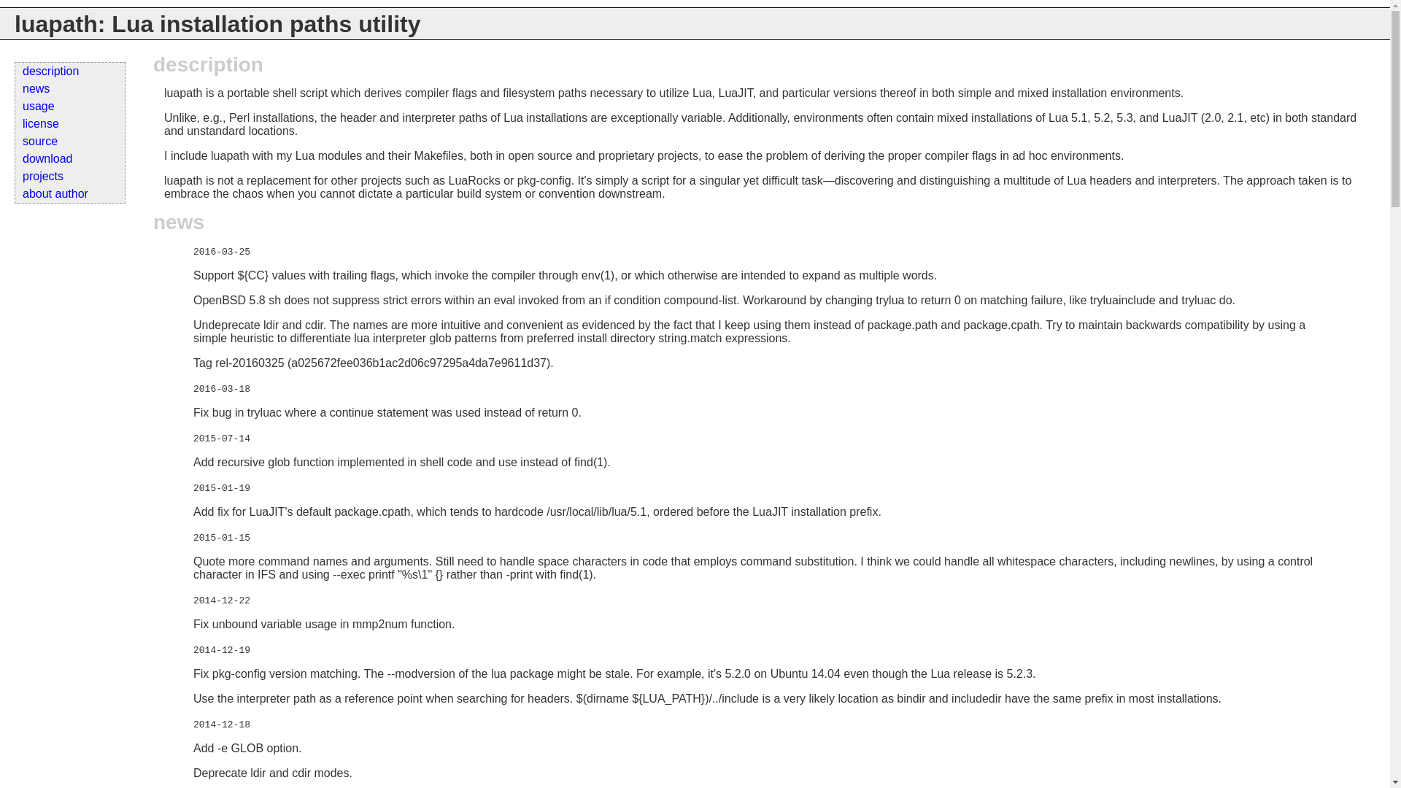 The width and height of the screenshot is (1401, 788). What do you see at coordinates (15, 71) in the screenshot?
I see `'description'` at bounding box center [15, 71].